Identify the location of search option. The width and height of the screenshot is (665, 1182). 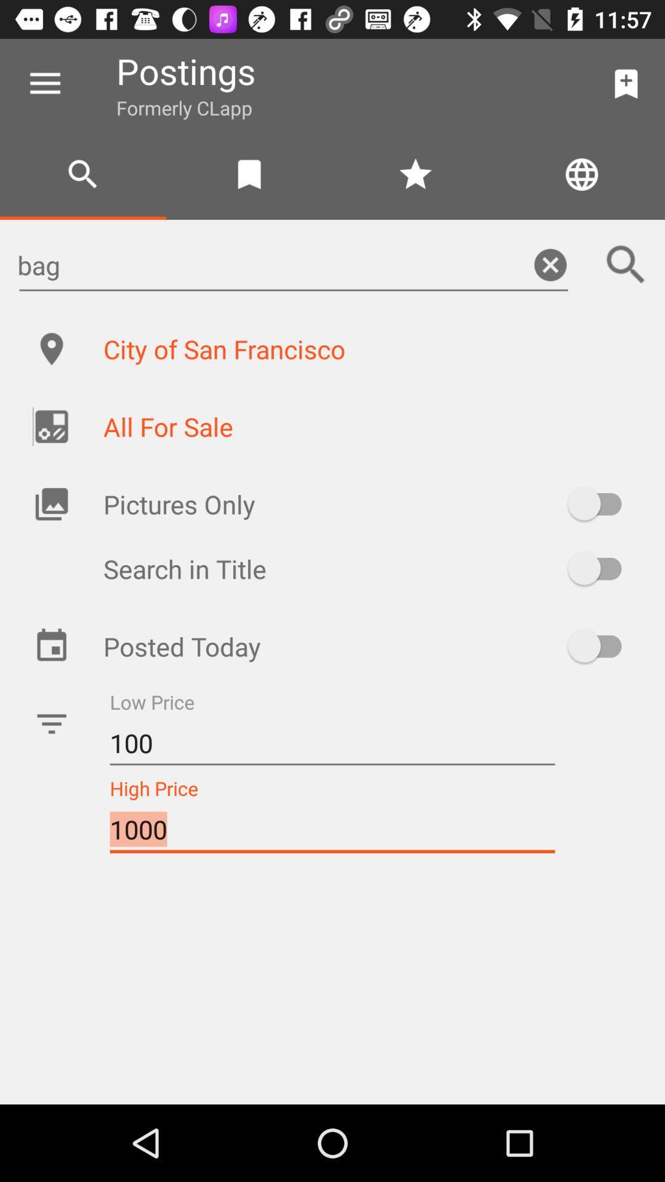
(626, 264).